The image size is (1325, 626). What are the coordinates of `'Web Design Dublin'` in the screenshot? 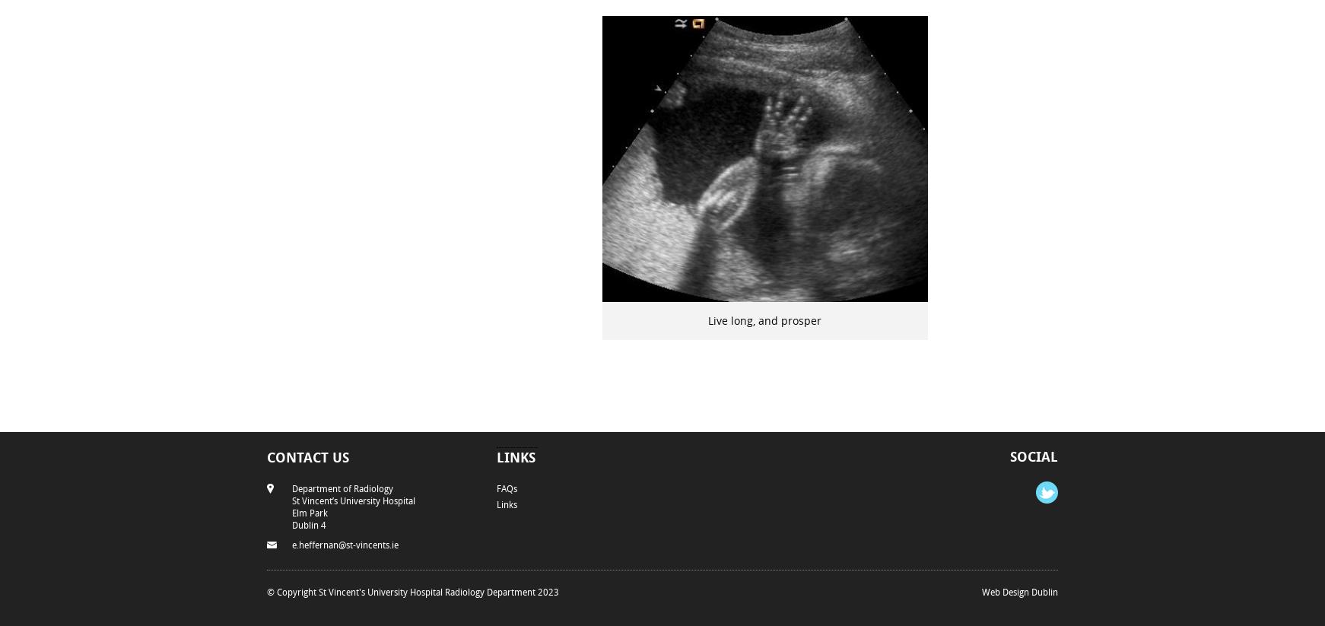 It's located at (1019, 589).